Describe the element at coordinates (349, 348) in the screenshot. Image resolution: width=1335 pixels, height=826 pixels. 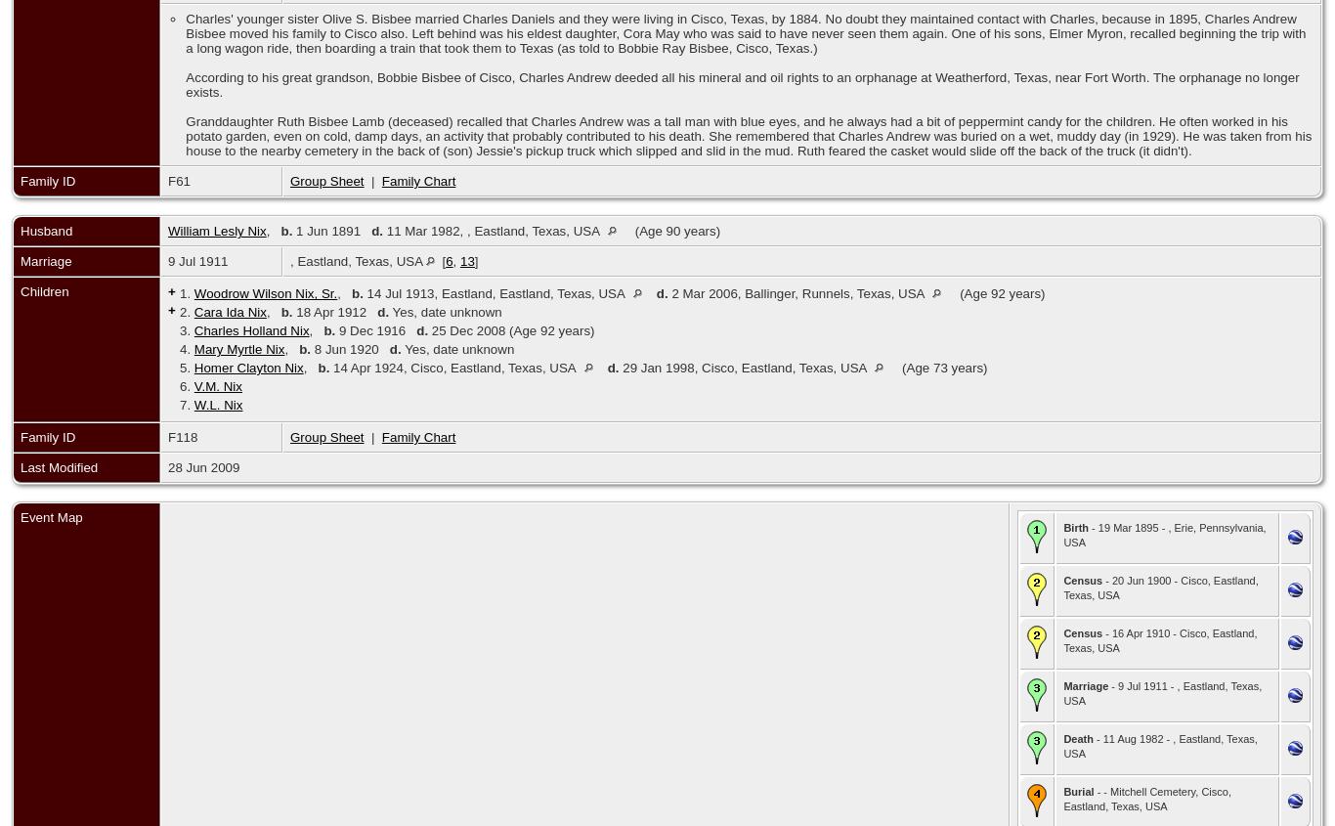
I see `'8 Jun 1920'` at that location.